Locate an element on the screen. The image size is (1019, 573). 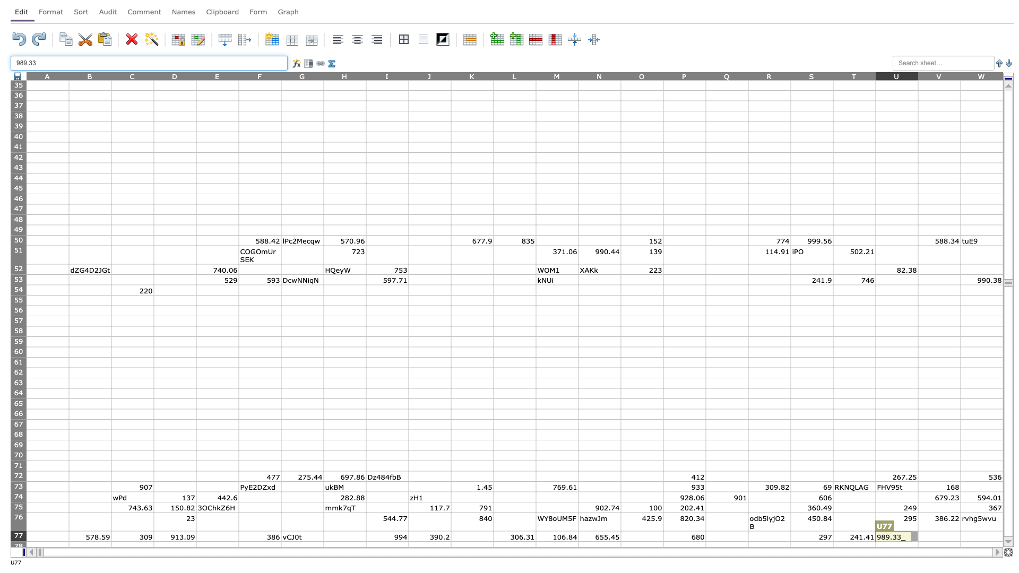
Top left of cell W77 is located at coordinates (960, 531).